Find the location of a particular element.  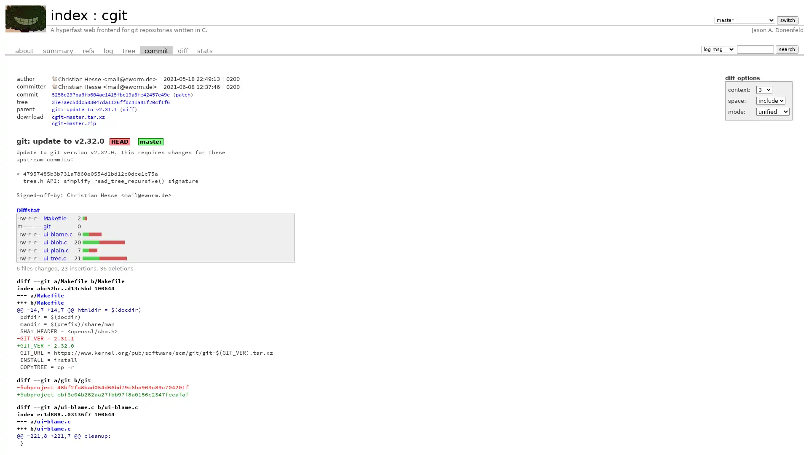

switch is located at coordinates (787, 20).